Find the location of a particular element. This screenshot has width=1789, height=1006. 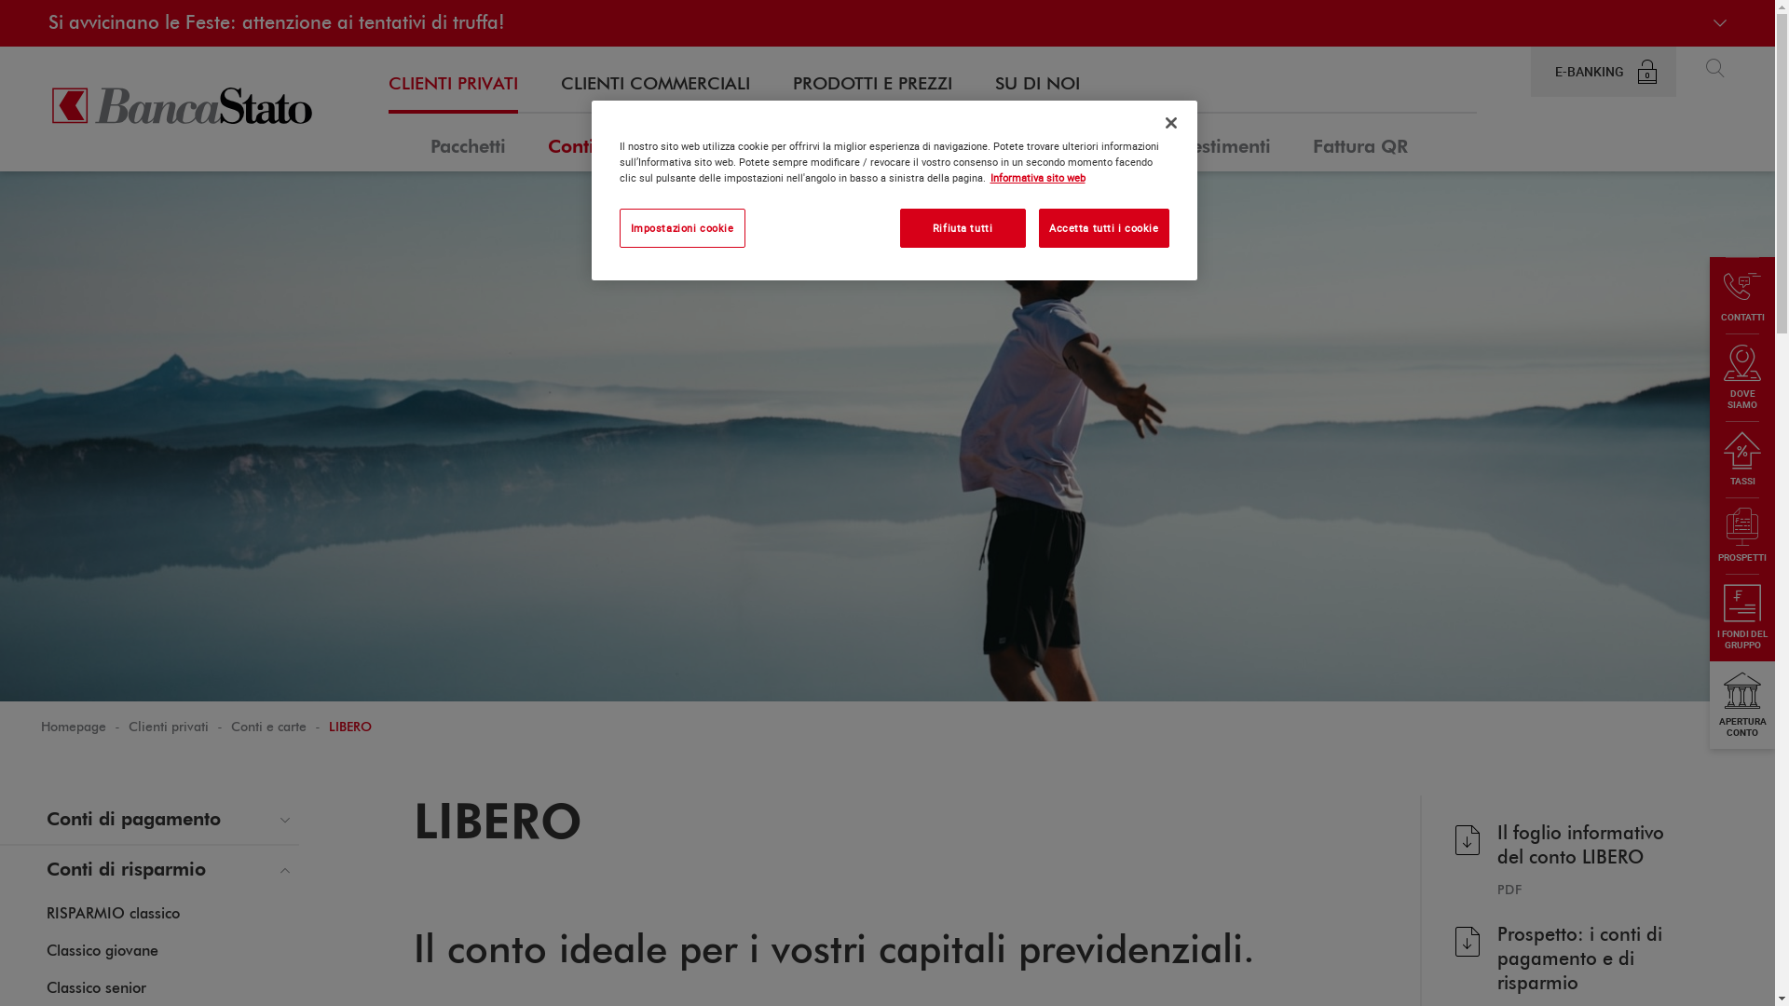

'Conti e carte' is located at coordinates (547, 142).